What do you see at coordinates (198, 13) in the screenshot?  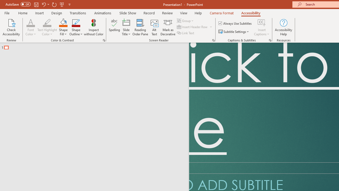 I see `'Help'` at bounding box center [198, 13].